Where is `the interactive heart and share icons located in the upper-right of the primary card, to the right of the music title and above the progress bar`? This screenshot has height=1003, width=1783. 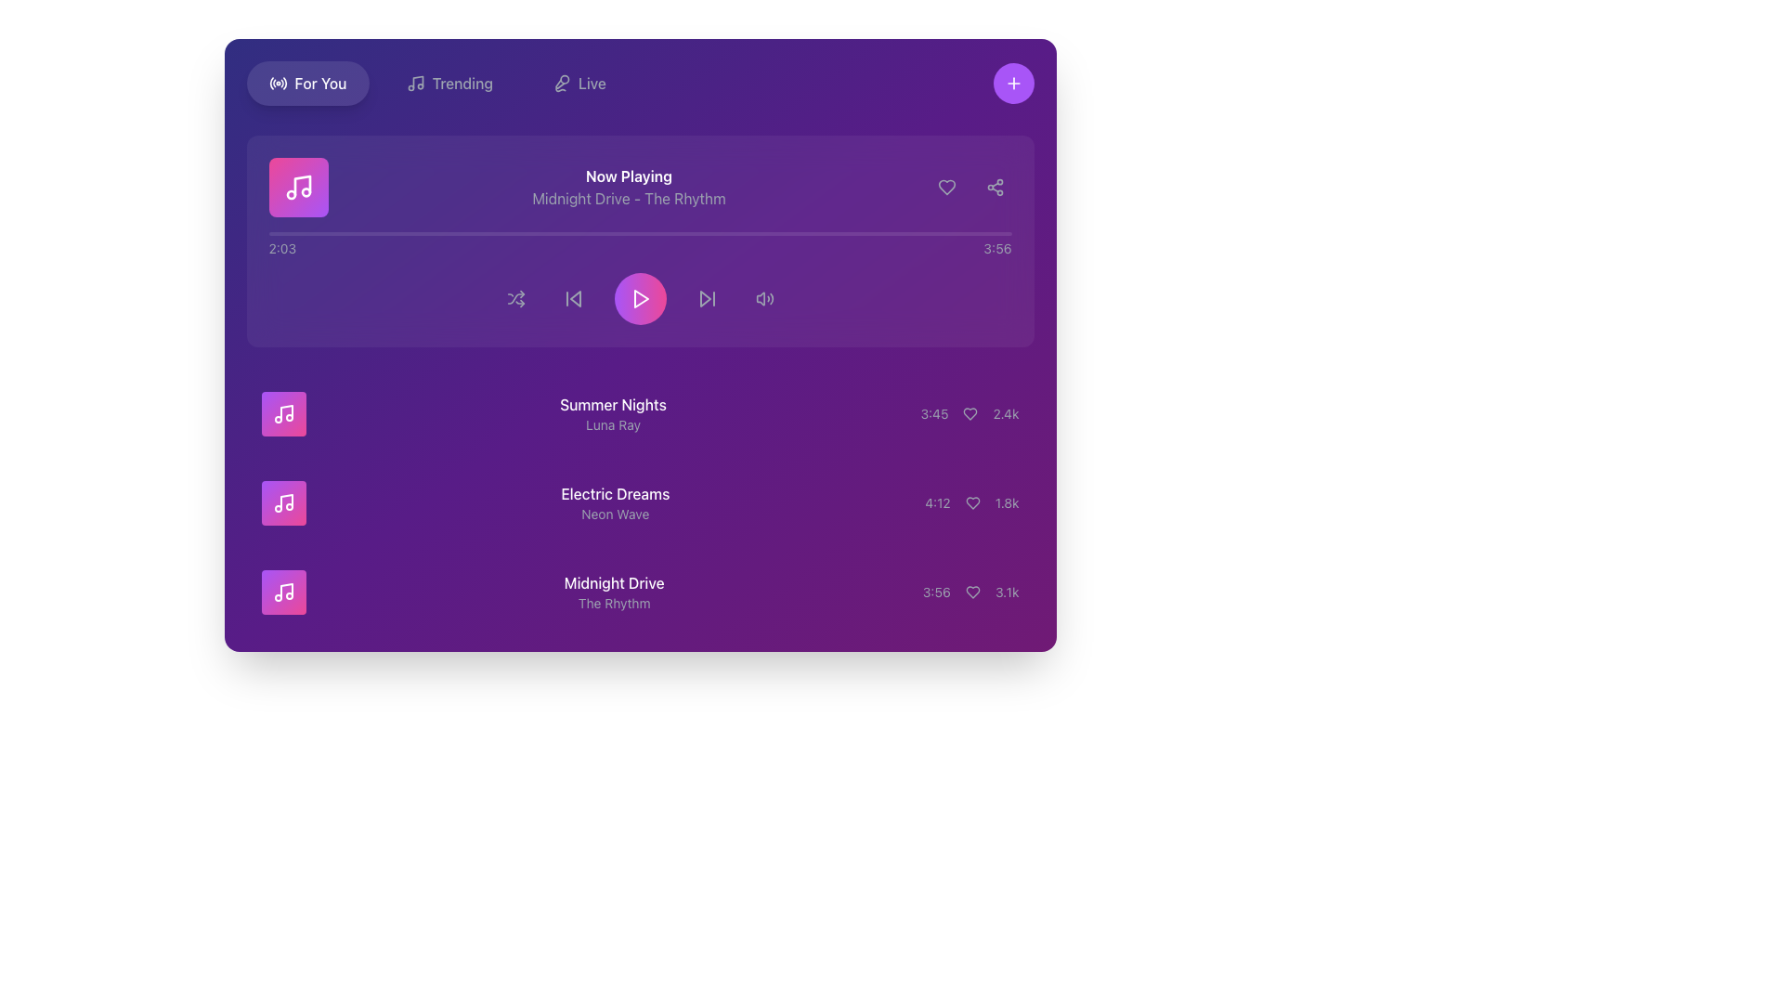 the interactive heart and share icons located in the upper-right of the primary card, to the right of the music title and above the progress bar is located at coordinates (970, 187).